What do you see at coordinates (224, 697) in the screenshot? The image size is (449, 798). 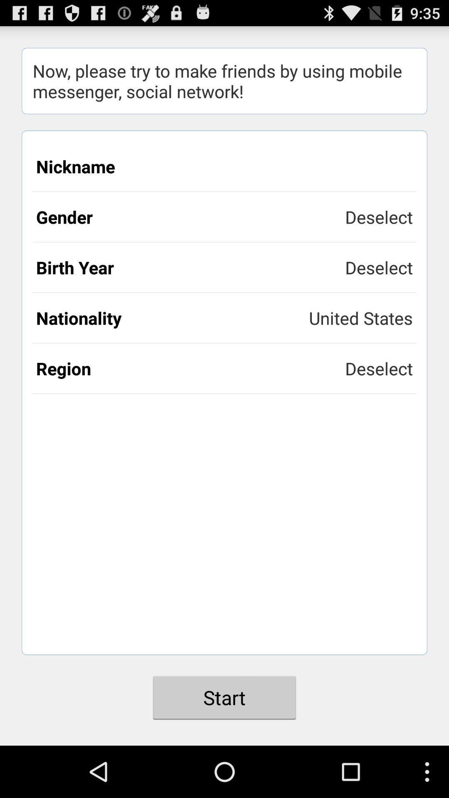 I see `start` at bounding box center [224, 697].